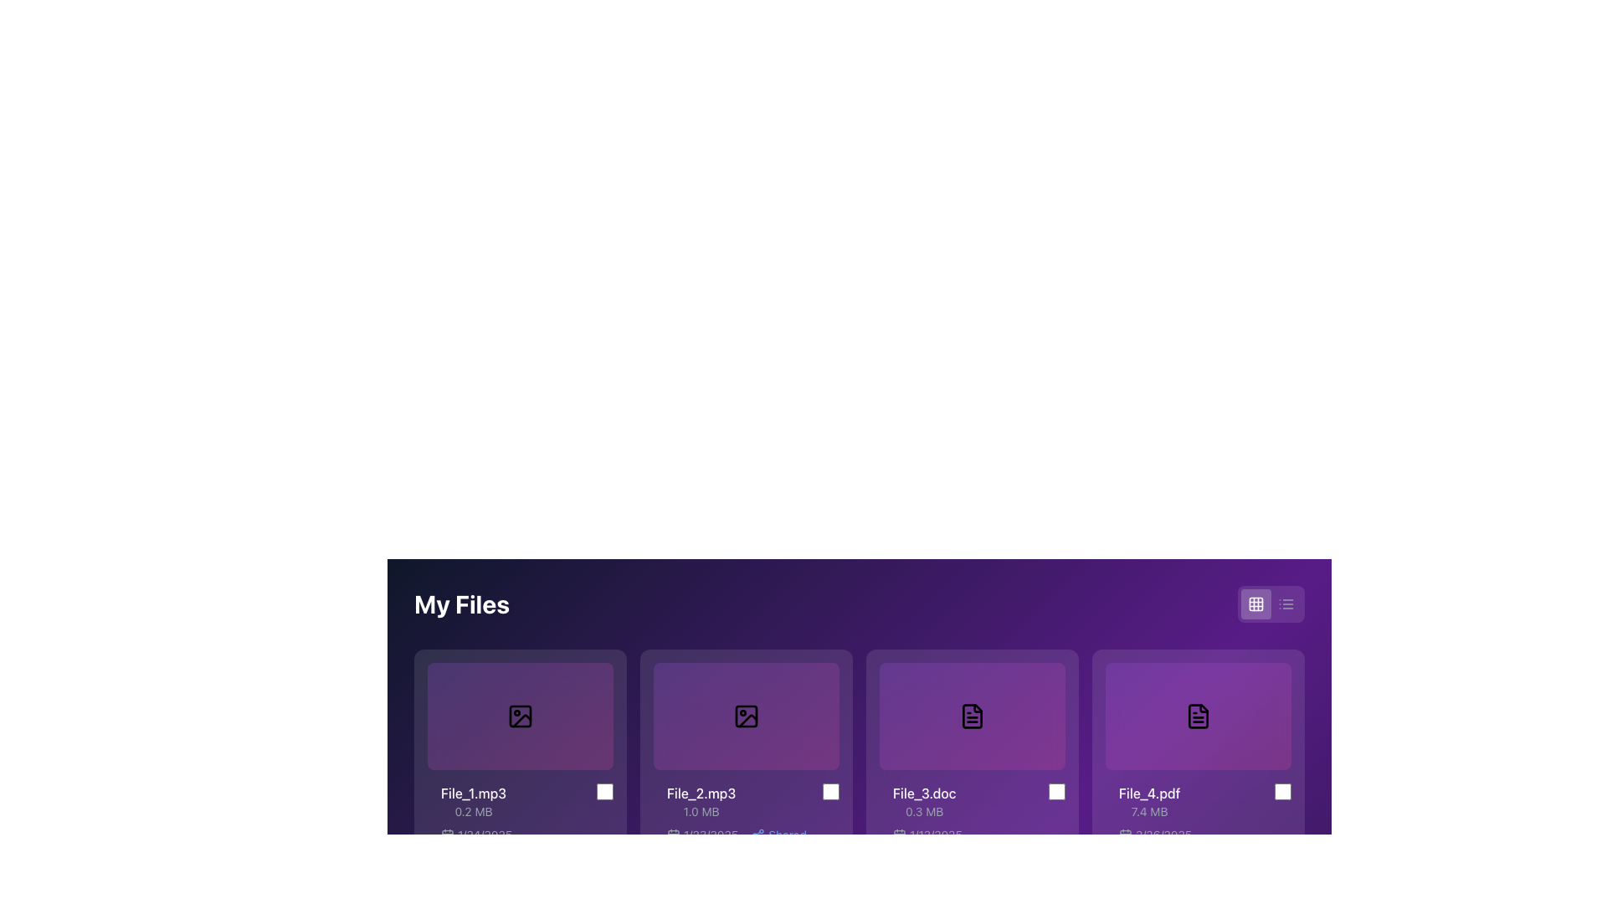 The width and height of the screenshot is (1607, 904). What do you see at coordinates (701, 793) in the screenshot?
I see `the text label displaying the file name 'File_2.mp3'` at bounding box center [701, 793].